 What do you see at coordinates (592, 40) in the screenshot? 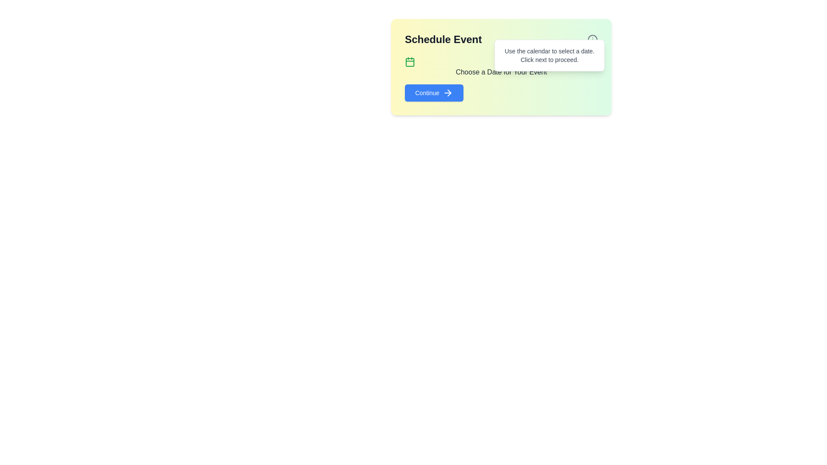
I see `circular graphic within the info icon located in the tooltip box at the top-right corner of the 'Schedule Event' card` at bounding box center [592, 40].